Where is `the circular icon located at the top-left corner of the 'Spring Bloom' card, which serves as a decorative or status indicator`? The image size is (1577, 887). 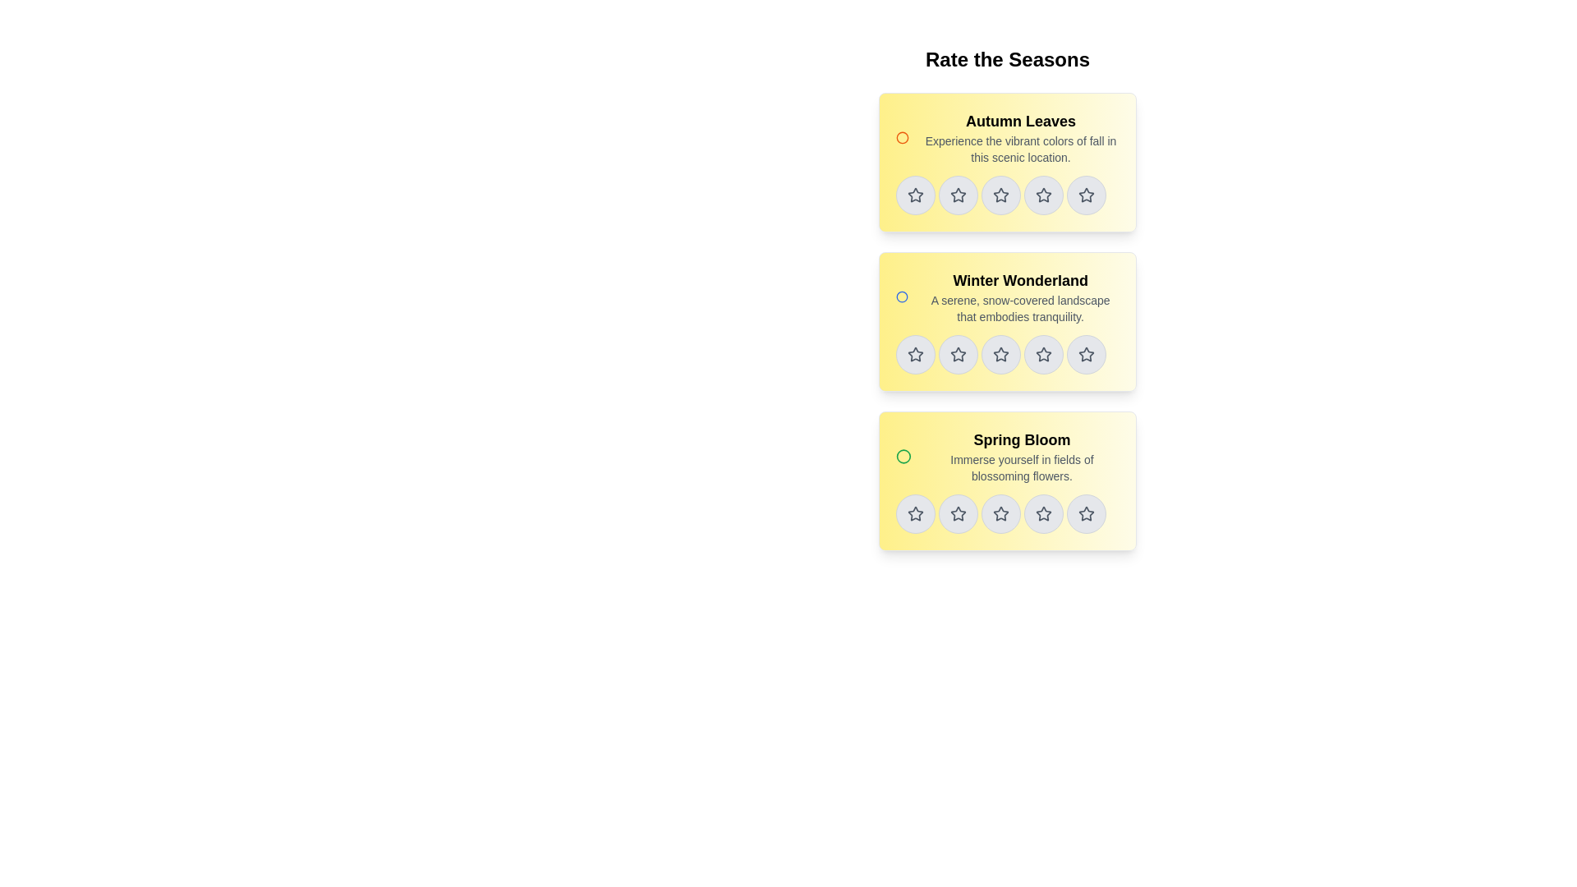
the circular icon located at the top-left corner of the 'Spring Bloom' card, which serves as a decorative or status indicator is located at coordinates (903, 456).